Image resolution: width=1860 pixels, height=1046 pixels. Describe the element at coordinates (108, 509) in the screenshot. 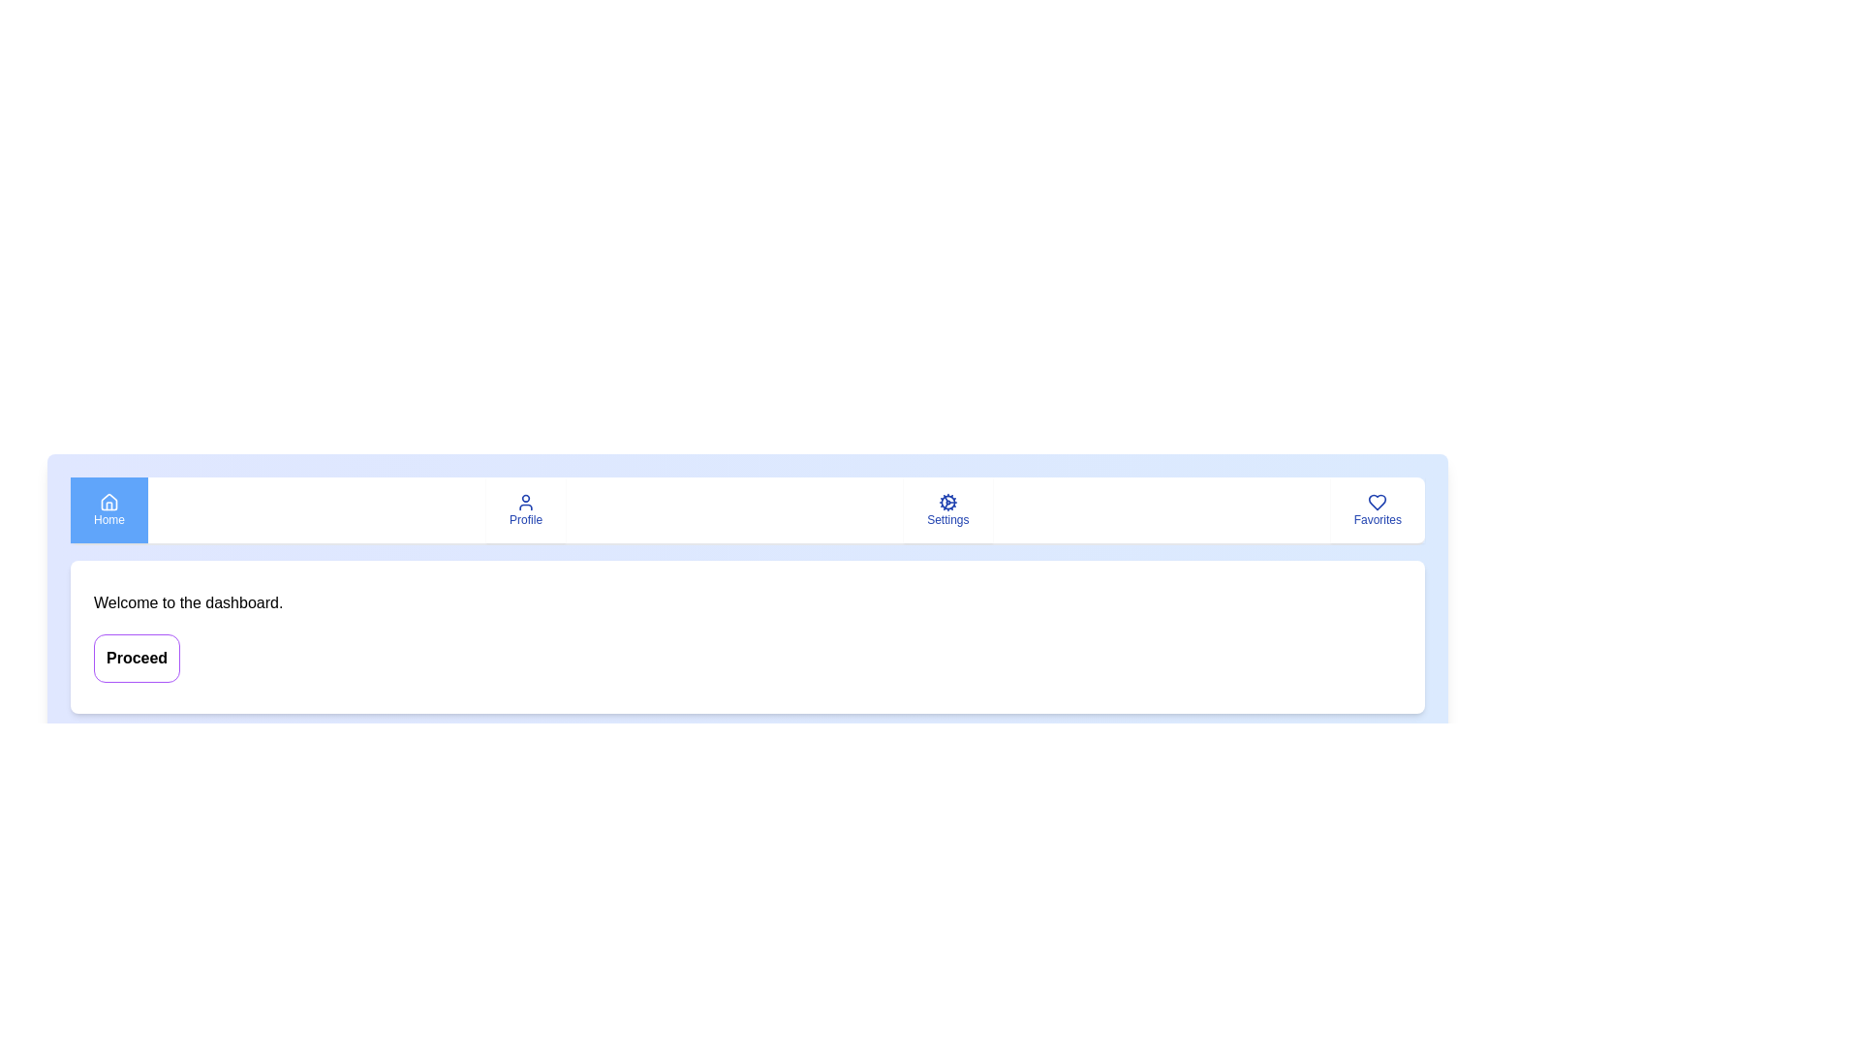

I see `the tab button labeled Home to observe its hover effect` at that location.